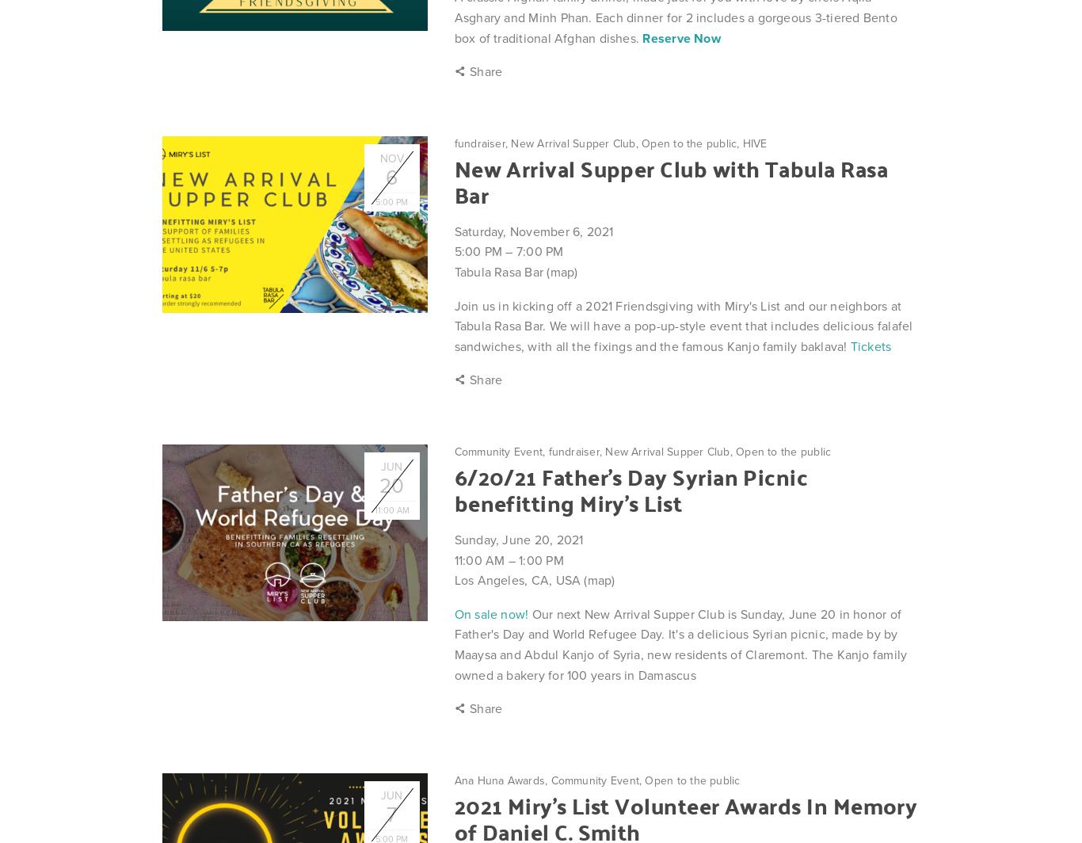  I want to click on '5:00 PM', so click(453, 251).